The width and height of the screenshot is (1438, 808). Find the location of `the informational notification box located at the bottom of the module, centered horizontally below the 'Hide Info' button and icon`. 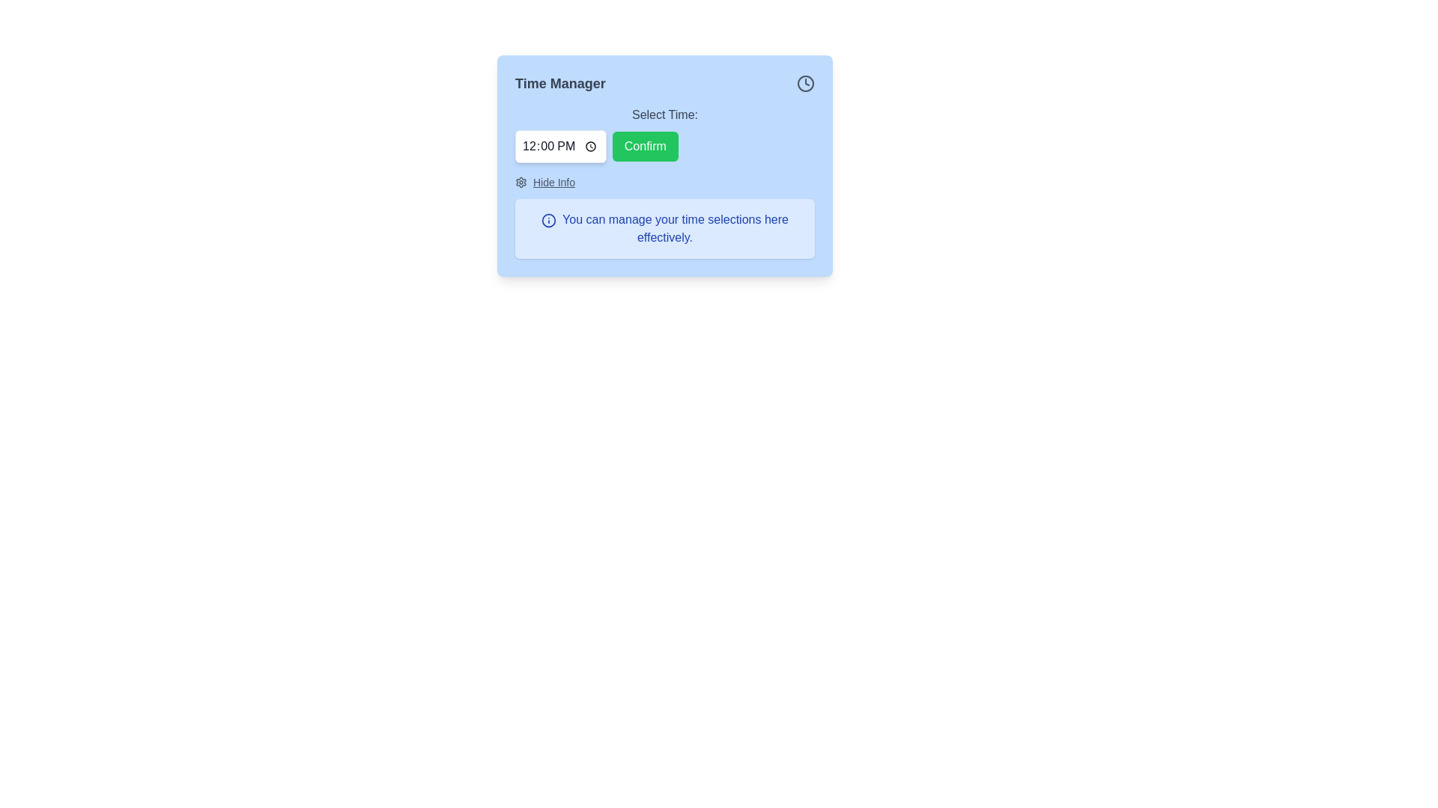

the informational notification box located at the bottom of the module, centered horizontally below the 'Hide Info' button and icon is located at coordinates (664, 228).